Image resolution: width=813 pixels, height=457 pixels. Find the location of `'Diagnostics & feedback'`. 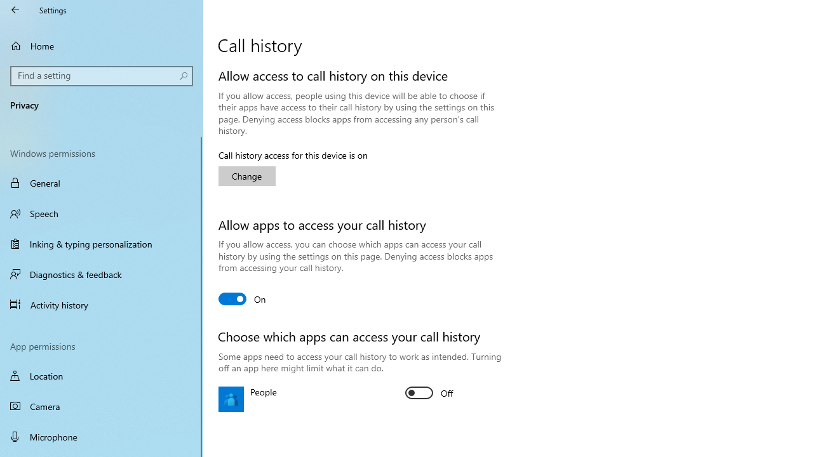

'Diagnostics & feedback' is located at coordinates (102, 274).